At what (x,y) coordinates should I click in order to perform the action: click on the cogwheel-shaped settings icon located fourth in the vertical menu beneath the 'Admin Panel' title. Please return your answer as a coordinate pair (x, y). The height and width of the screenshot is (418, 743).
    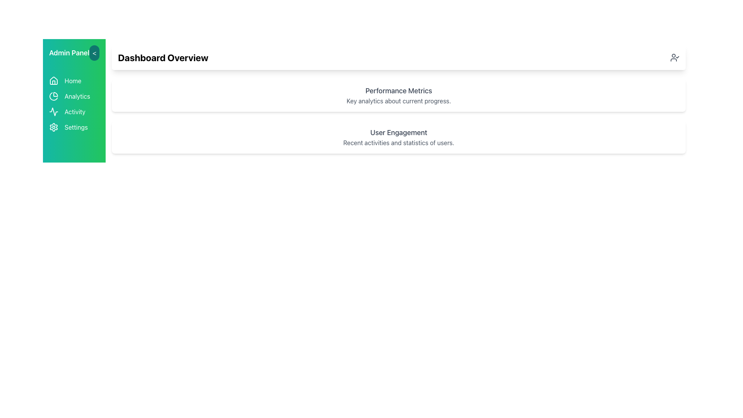
    Looking at the image, I should click on (53, 127).